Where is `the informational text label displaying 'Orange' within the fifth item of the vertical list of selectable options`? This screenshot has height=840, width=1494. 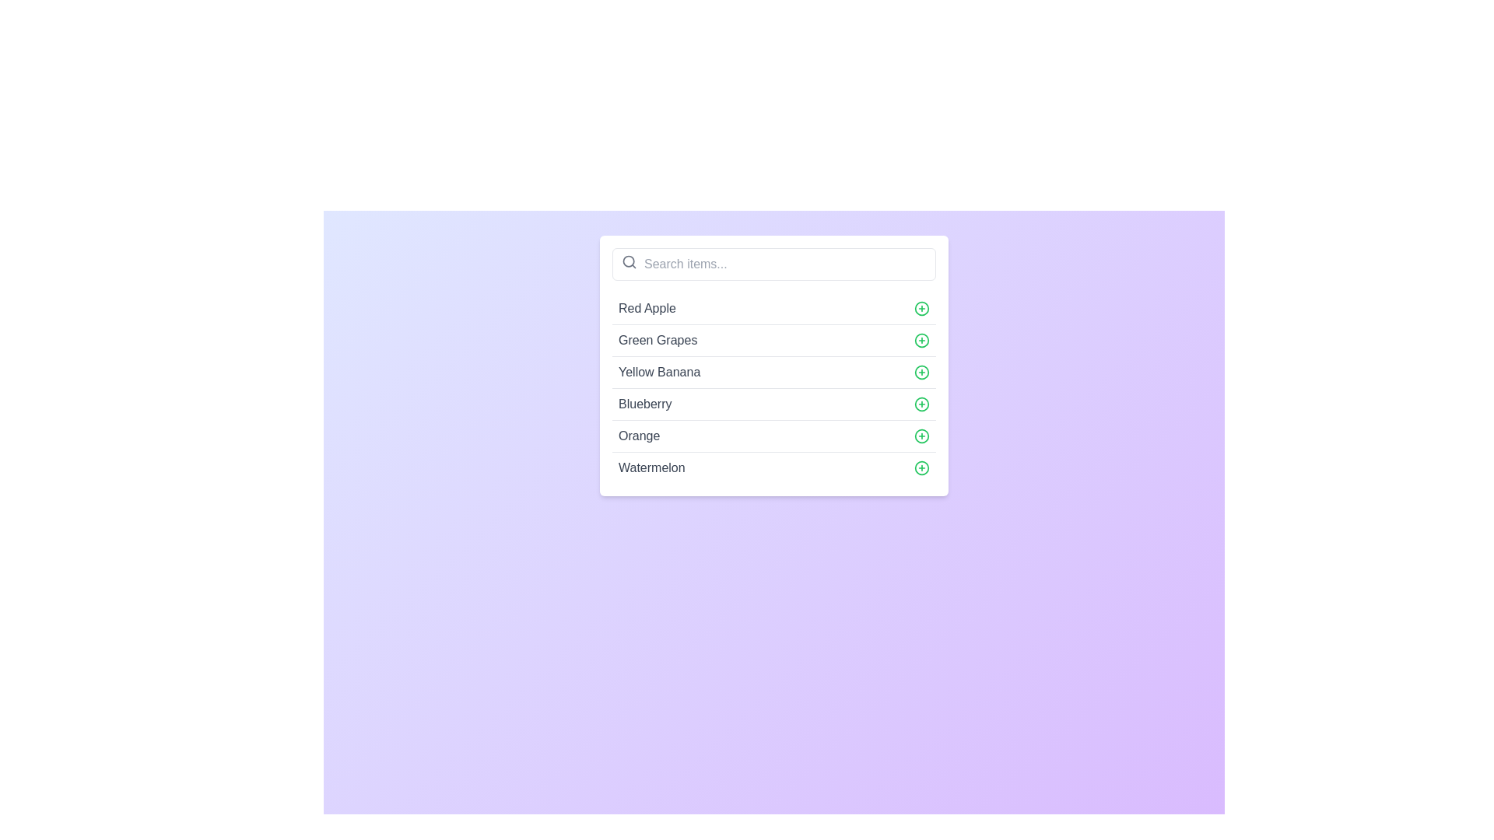
the informational text label displaying 'Orange' within the fifth item of the vertical list of selectable options is located at coordinates (639, 436).